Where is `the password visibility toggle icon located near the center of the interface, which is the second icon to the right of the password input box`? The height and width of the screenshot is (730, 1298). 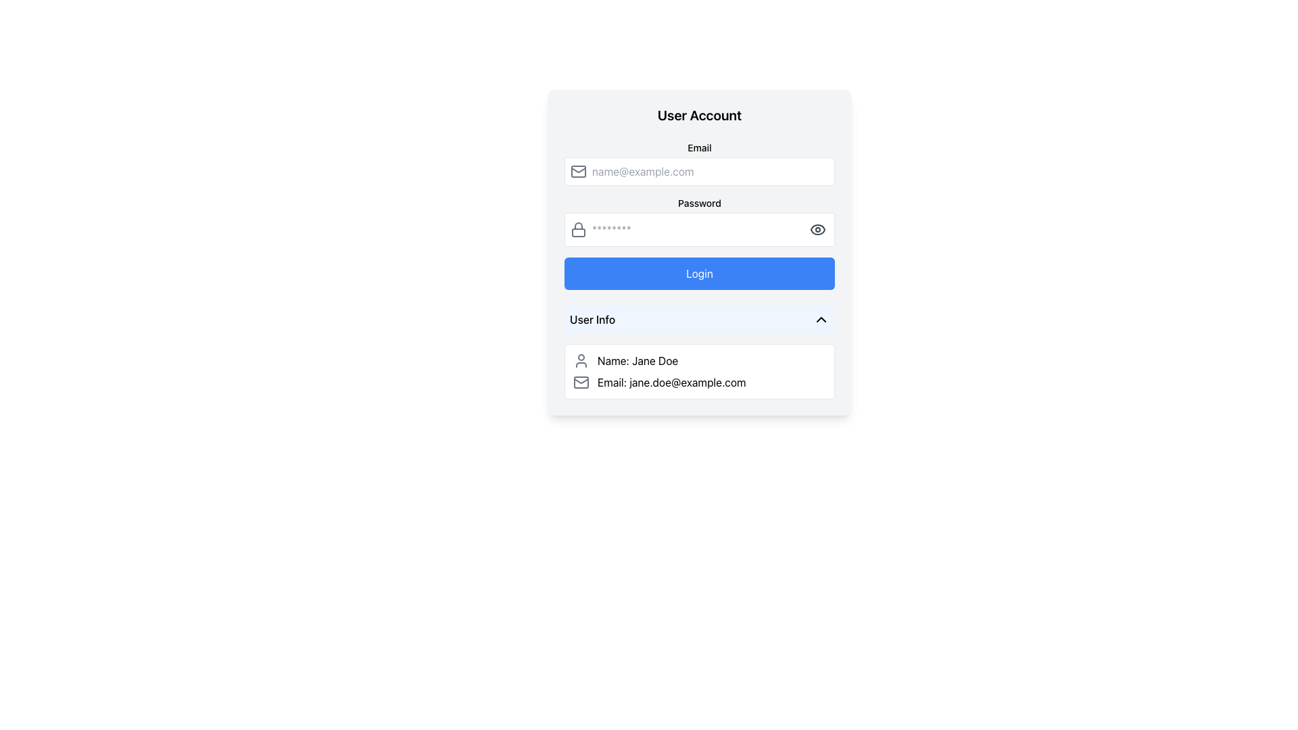 the password visibility toggle icon located near the center of the interface, which is the second icon to the right of the password input box is located at coordinates (817, 228).